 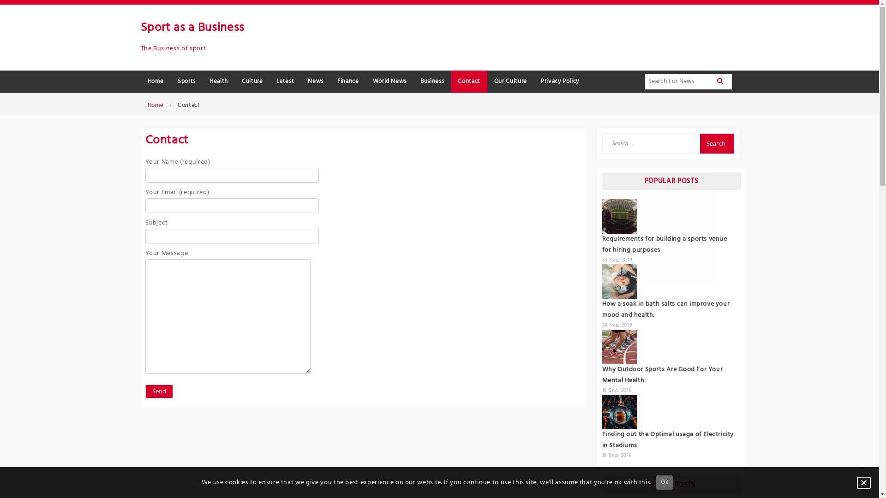 What do you see at coordinates (716, 143) in the screenshot?
I see `'Search'` at bounding box center [716, 143].